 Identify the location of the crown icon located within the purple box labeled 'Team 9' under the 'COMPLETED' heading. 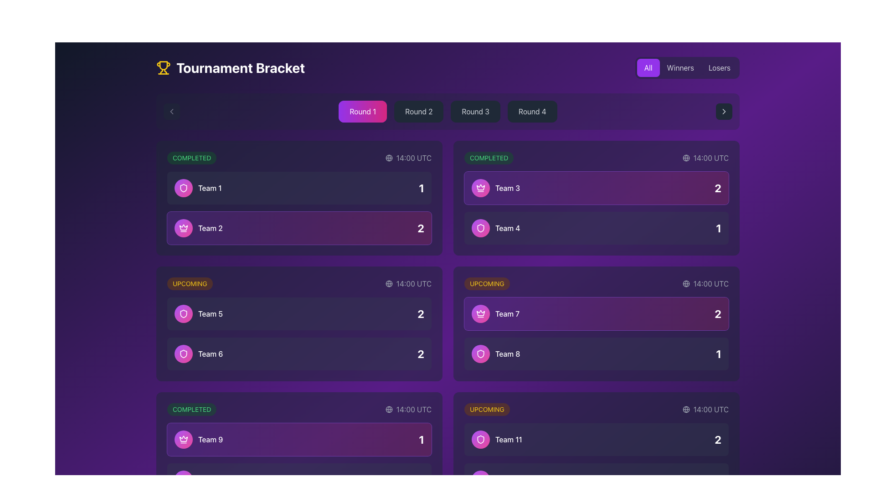
(183, 439).